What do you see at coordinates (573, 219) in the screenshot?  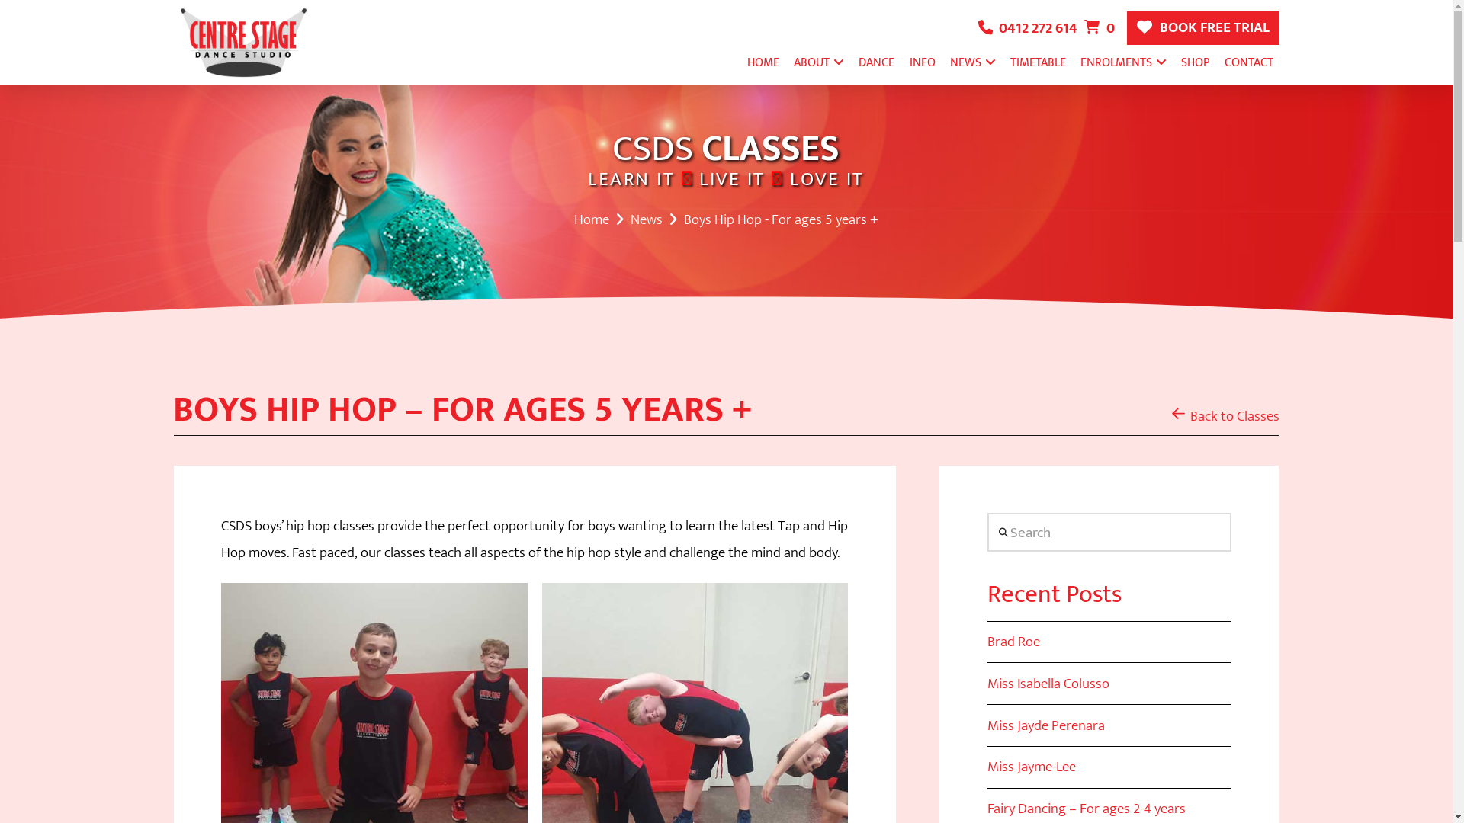 I see `'Home'` at bounding box center [573, 219].